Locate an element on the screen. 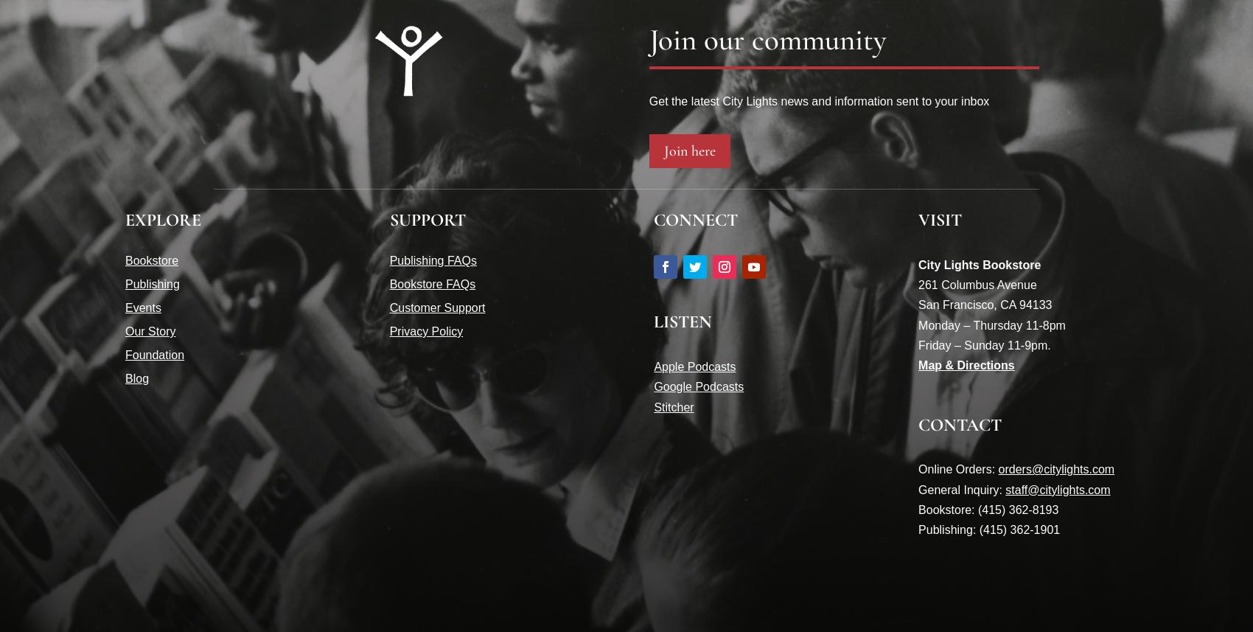  'EXPLORE' is located at coordinates (163, 219).